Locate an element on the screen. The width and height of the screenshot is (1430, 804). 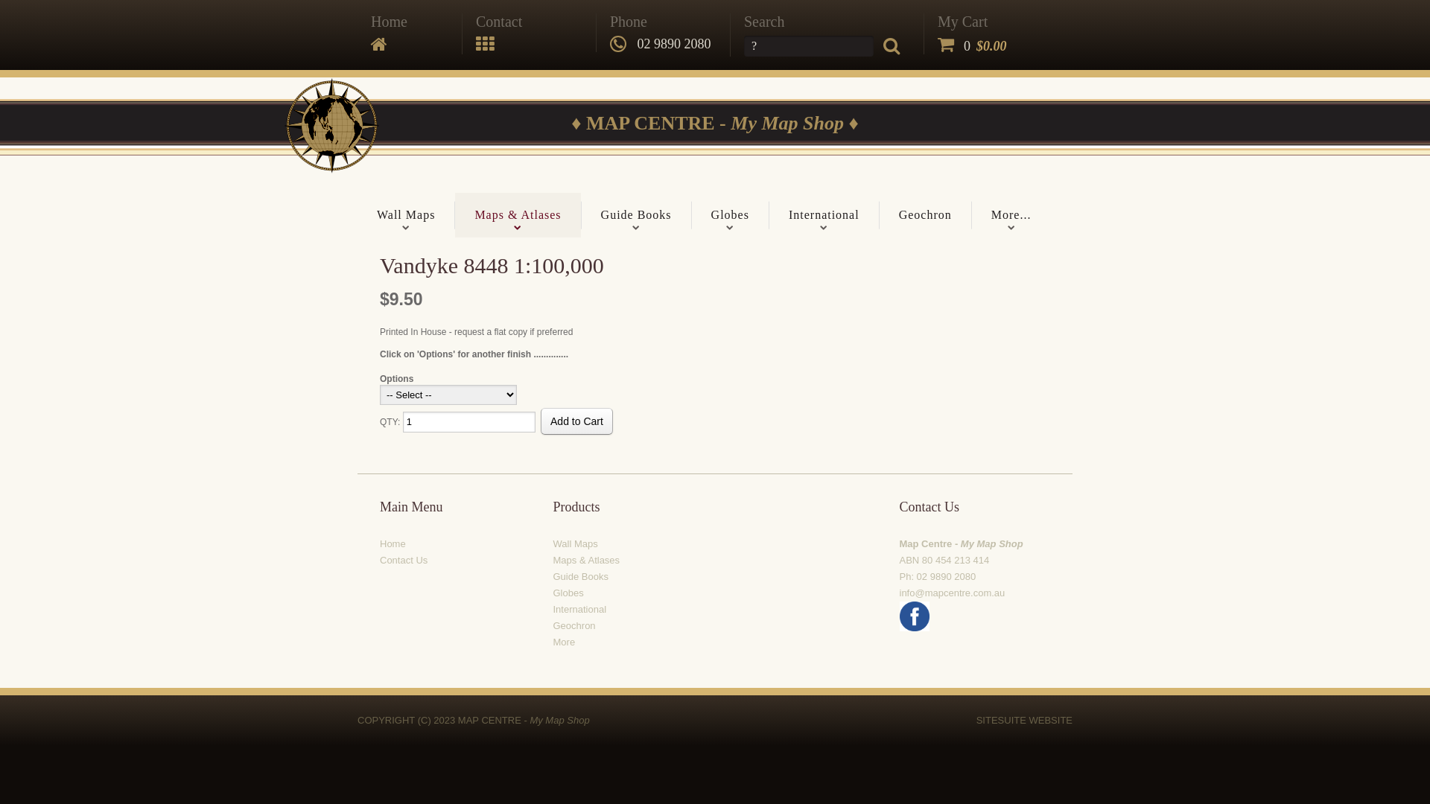
'Phone' is located at coordinates (629, 22).